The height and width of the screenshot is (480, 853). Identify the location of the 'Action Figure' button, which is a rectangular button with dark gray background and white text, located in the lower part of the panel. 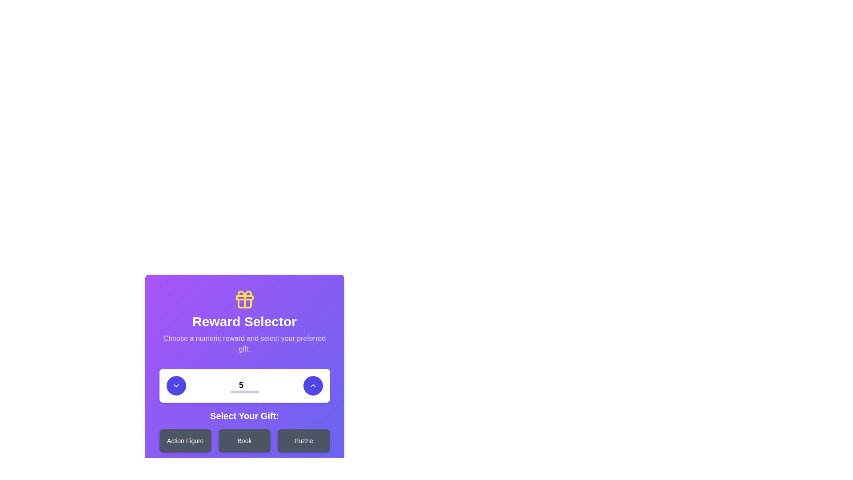
(185, 440).